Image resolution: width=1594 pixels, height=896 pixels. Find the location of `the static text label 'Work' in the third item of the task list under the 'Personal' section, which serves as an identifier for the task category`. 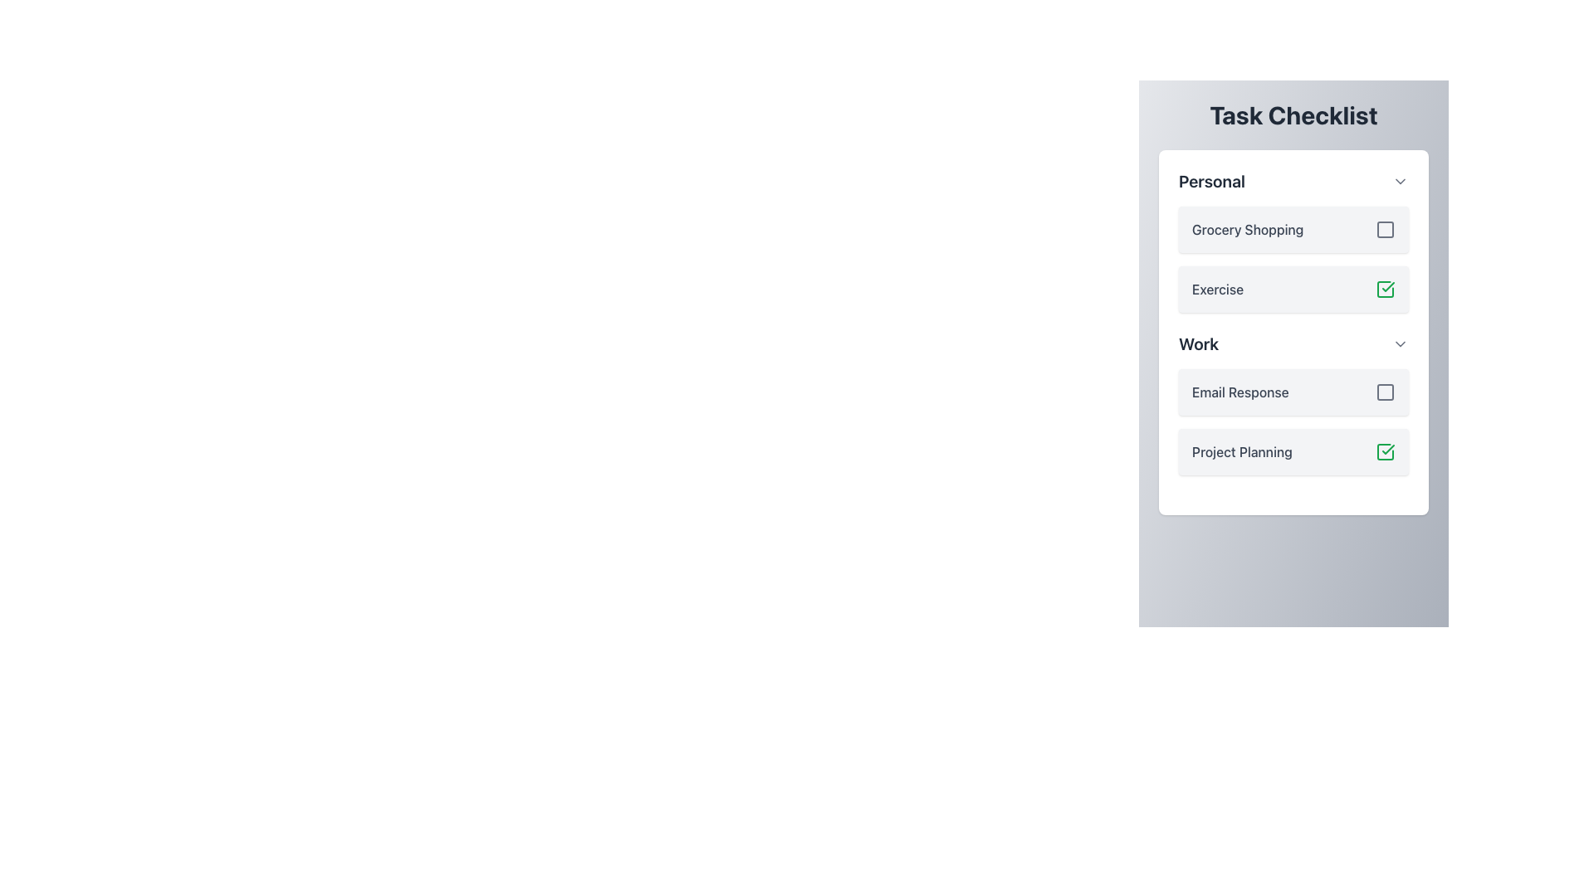

the static text label 'Work' in the third item of the task list under the 'Personal' section, which serves as an identifier for the task category is located at coordinates (1199, 343).